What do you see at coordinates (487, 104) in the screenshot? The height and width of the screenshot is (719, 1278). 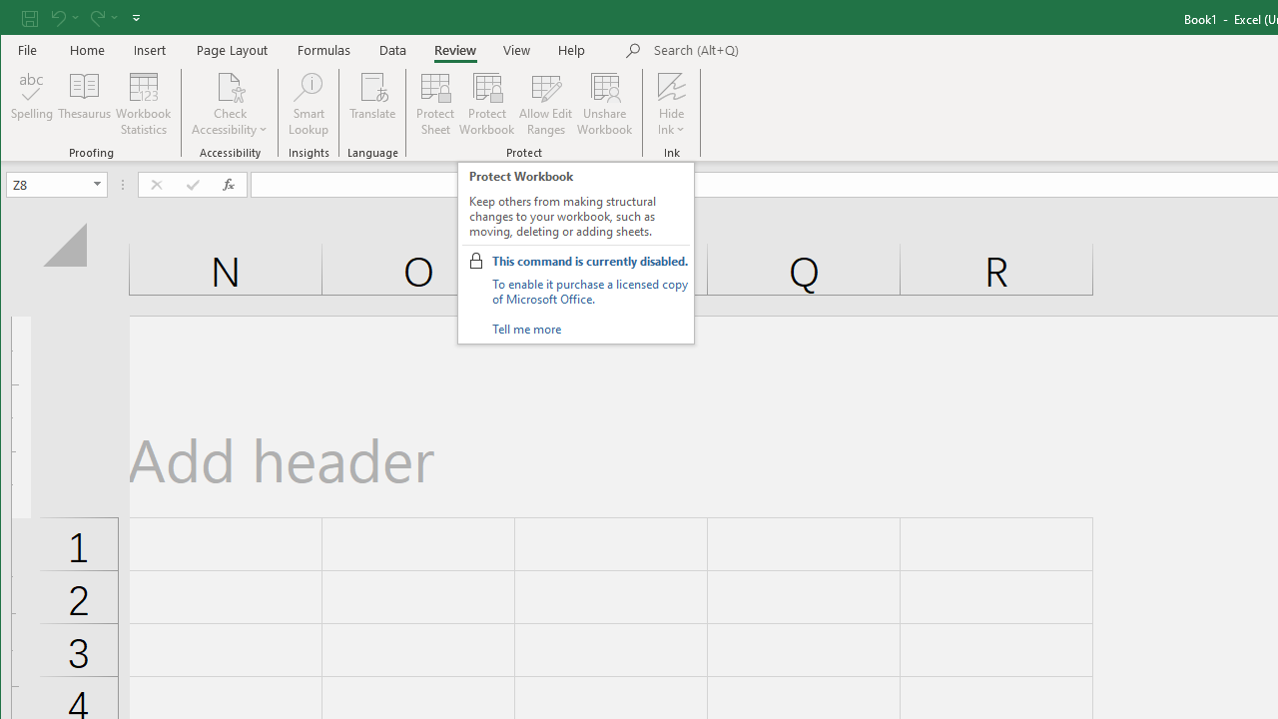 I see `'Protect Workbook...'` at bounding box center [487, 104].